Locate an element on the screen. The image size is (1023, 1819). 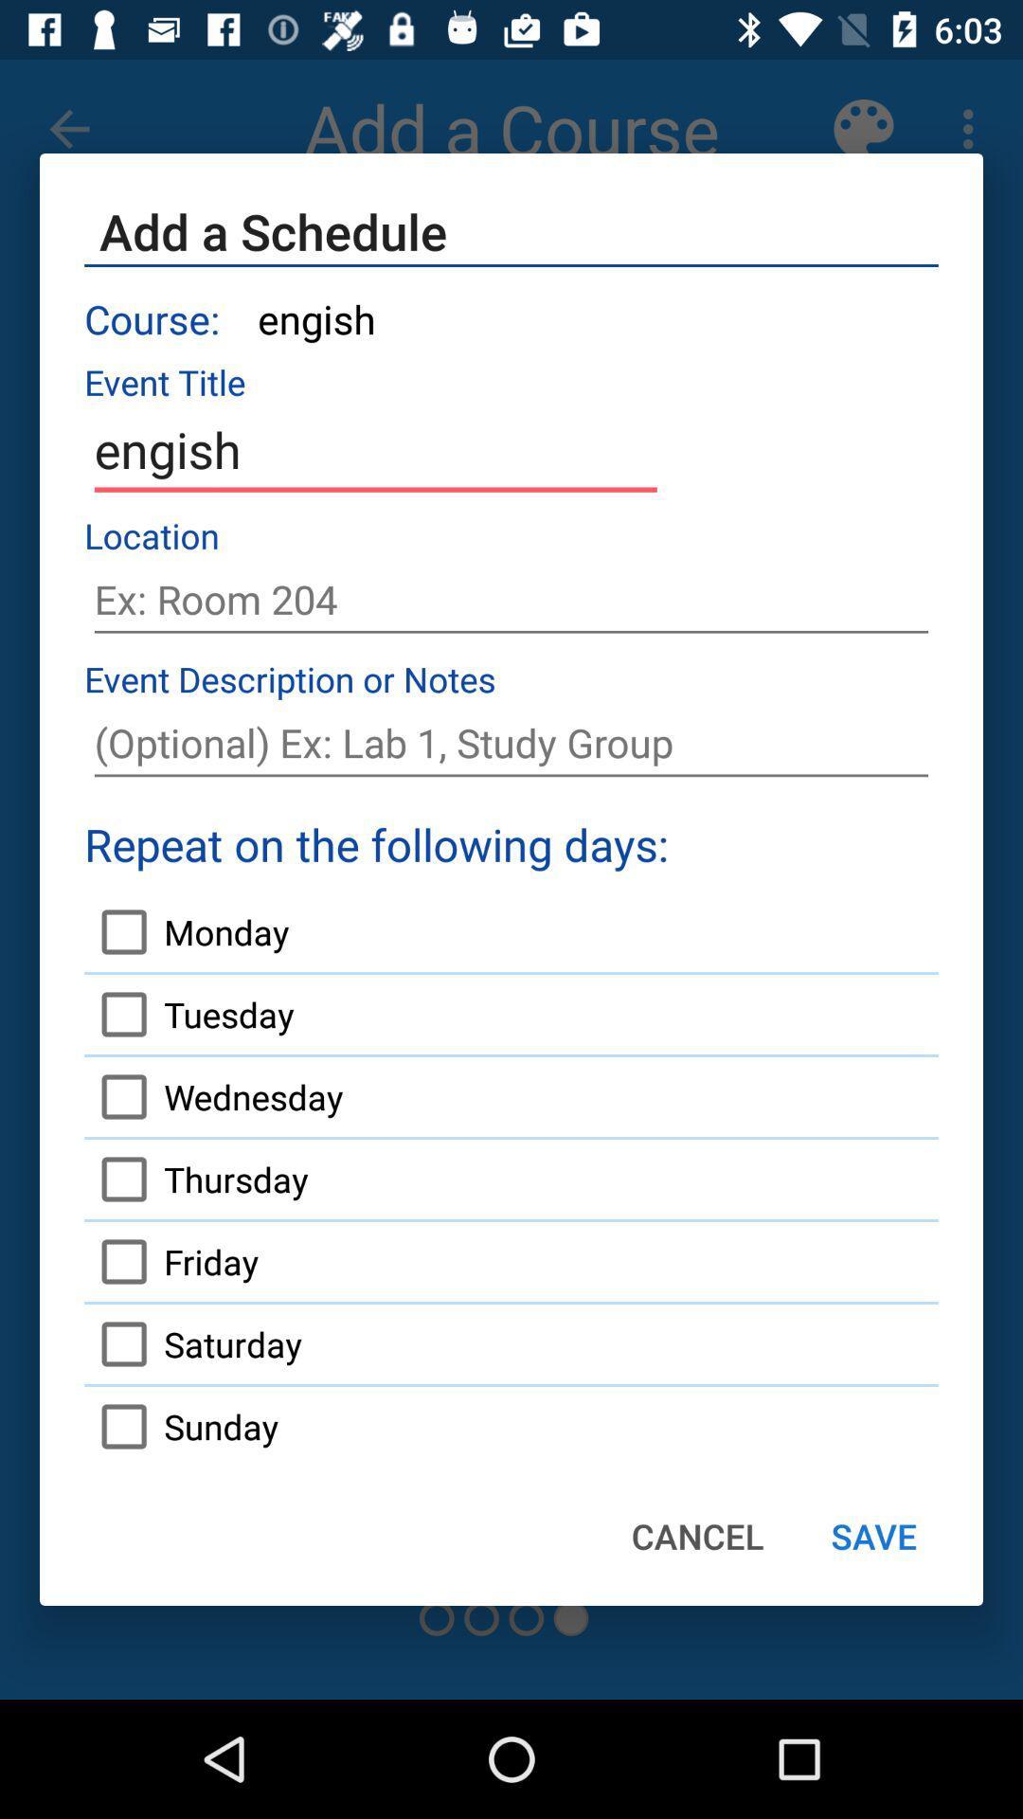
item to the left of save icon is located at coordinates (697, 1536).